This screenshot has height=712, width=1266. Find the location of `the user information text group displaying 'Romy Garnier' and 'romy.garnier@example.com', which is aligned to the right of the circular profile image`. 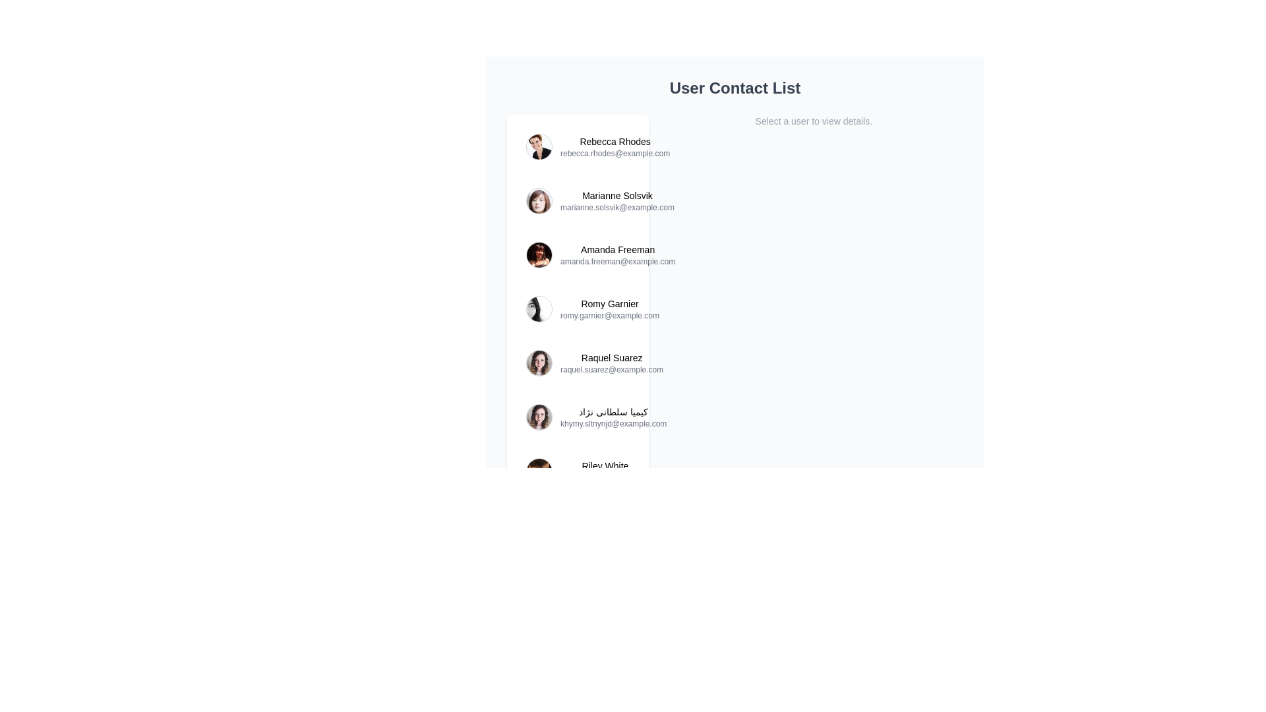

the user information text group displaying 'Romy Garnier' and 'romy.garnier@example.com', which is aligned to the right of the circular profile image is located at coordinates (609, 309).